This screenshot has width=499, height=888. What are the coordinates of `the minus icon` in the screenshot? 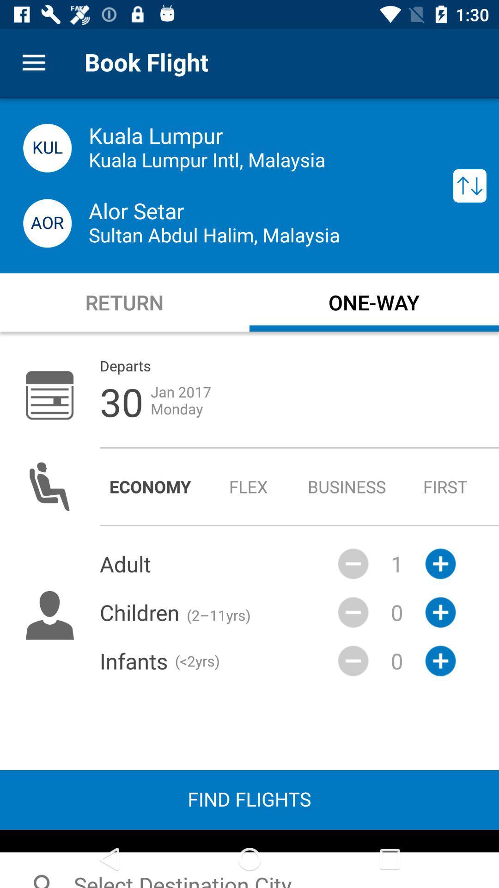 It's located at (353, 612).